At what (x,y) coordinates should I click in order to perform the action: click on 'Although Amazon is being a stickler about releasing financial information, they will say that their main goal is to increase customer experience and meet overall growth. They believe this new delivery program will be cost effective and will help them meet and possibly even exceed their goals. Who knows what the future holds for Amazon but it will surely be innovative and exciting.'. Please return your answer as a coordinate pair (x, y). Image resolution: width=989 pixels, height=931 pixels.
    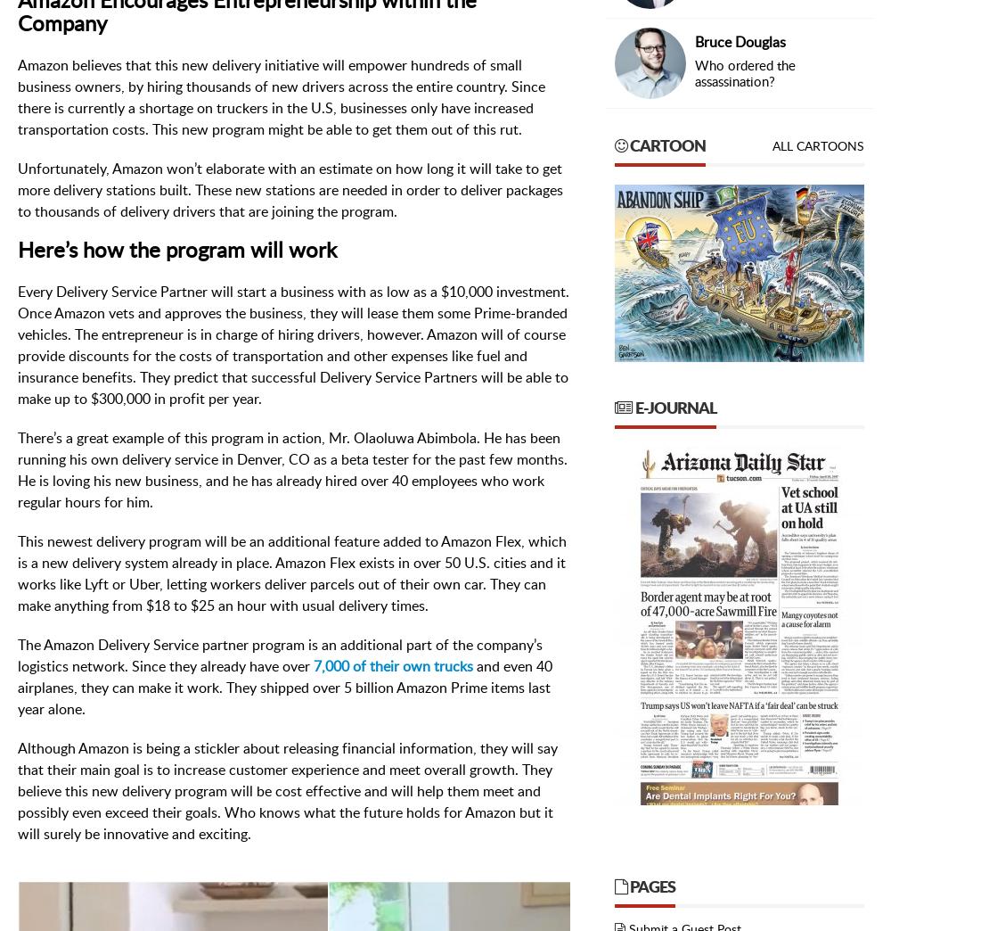
    Looking at the image, I should click on (287, 790).